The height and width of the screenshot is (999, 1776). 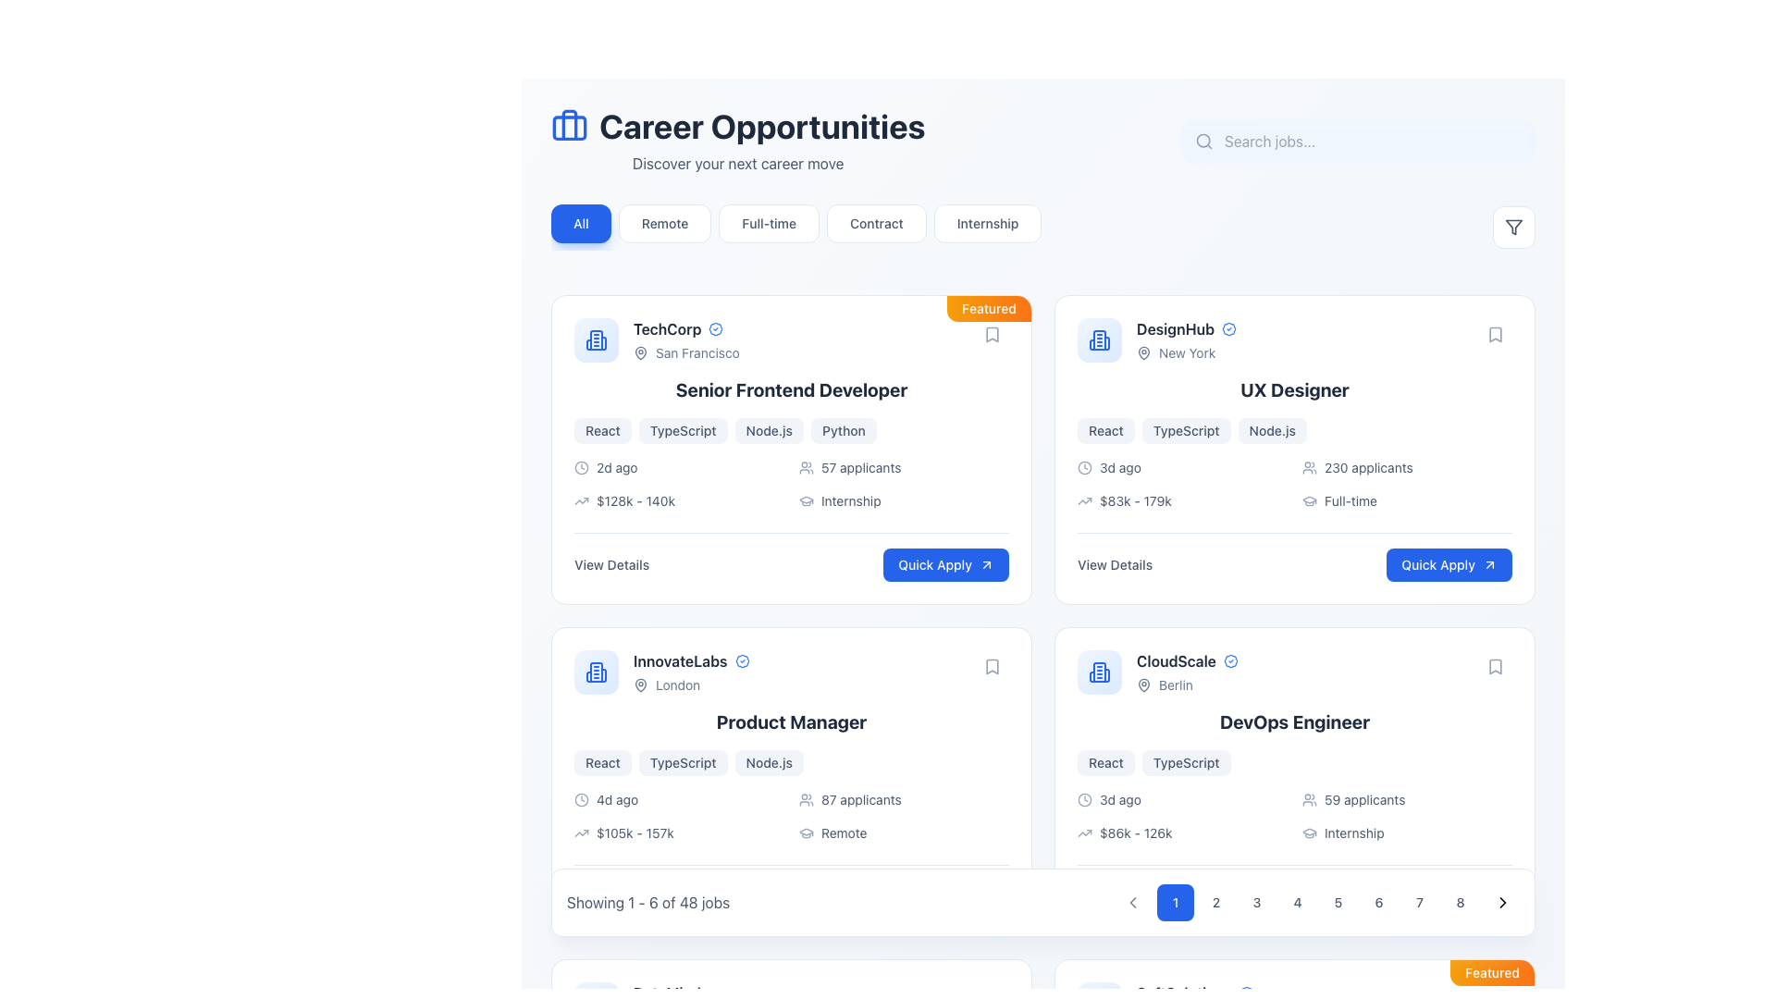 I want to click on the second button in the row of buttons for filtering job listings based on remote availability, so click(x=665, y=223).